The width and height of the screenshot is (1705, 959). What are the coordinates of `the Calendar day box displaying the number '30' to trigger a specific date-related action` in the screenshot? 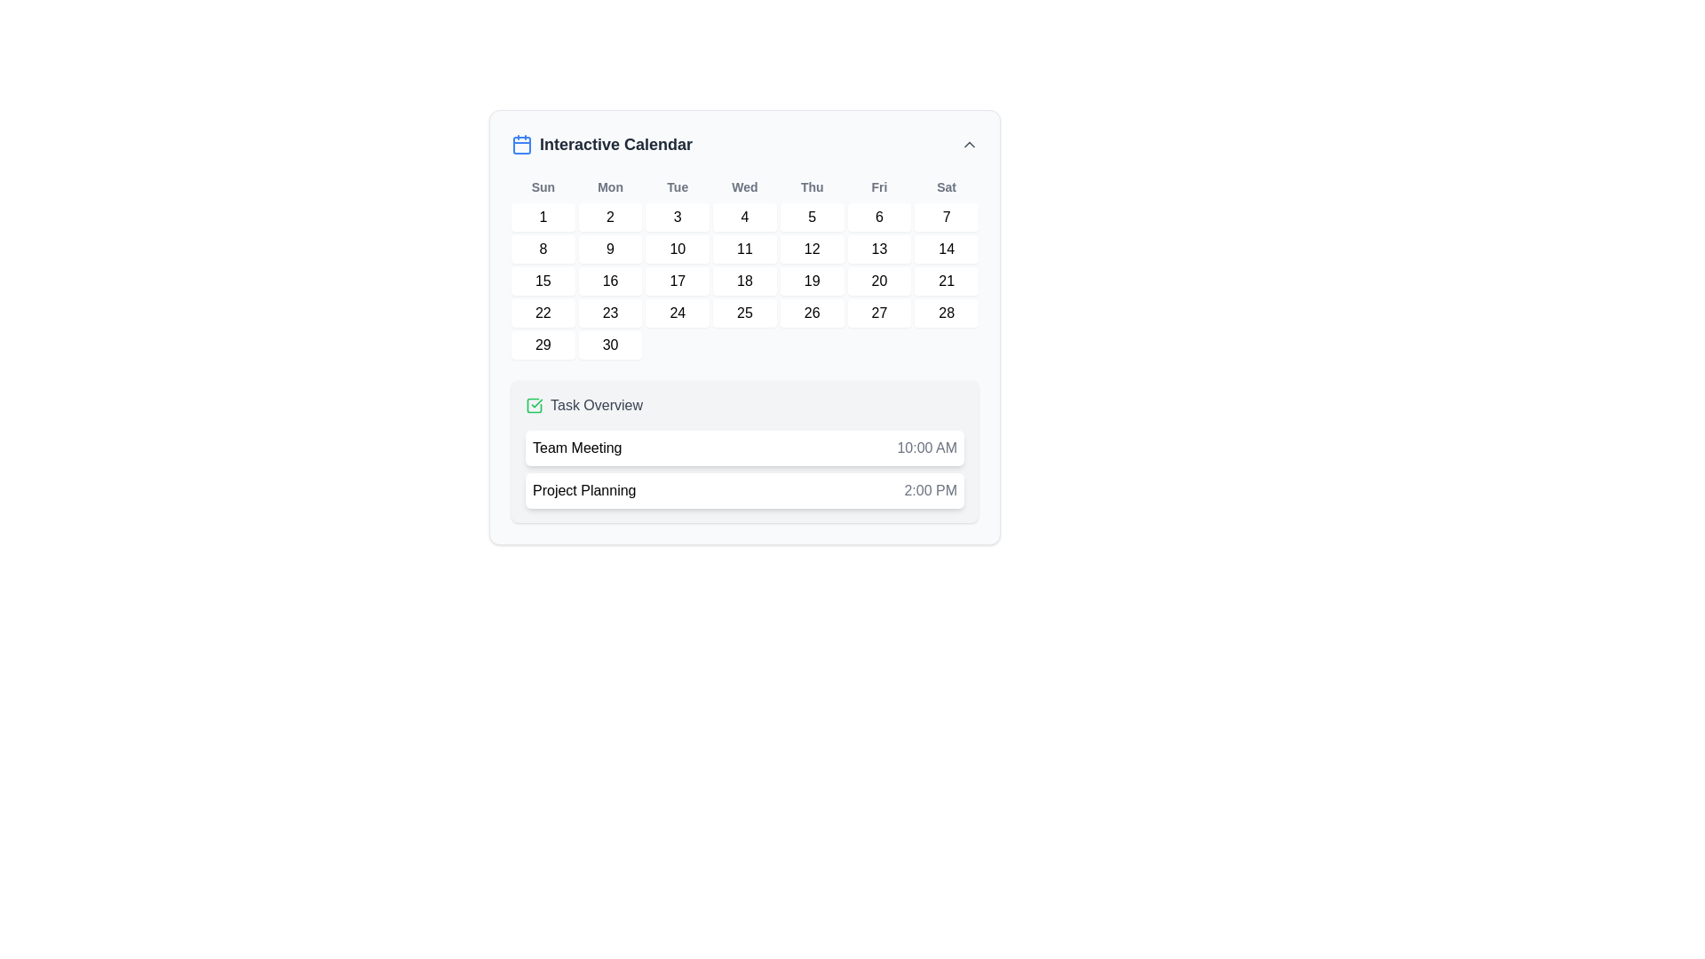 It's located at (610, 345).